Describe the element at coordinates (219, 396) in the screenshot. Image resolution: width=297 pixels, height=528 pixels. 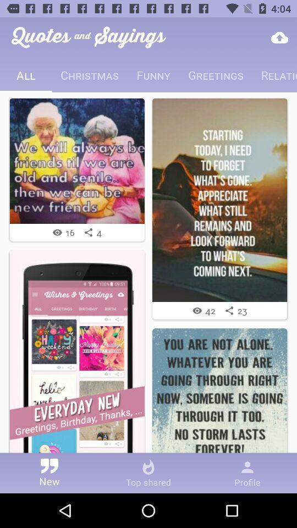
I see `image` at that location.